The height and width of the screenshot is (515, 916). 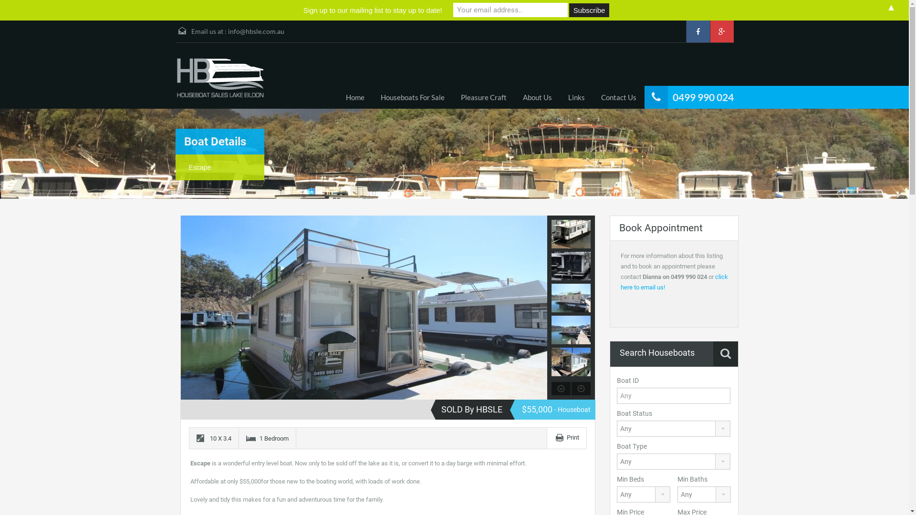 What do you see at coordinates (620, 281) in the screenshot?
I see `'click here to email us!'` at bounding box center [620, 281].